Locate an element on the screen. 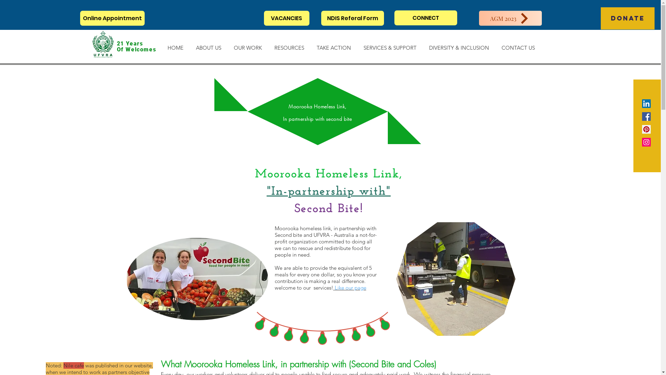  'DIVERSITY & INCLUSION' is located at coordinates (459, 44).